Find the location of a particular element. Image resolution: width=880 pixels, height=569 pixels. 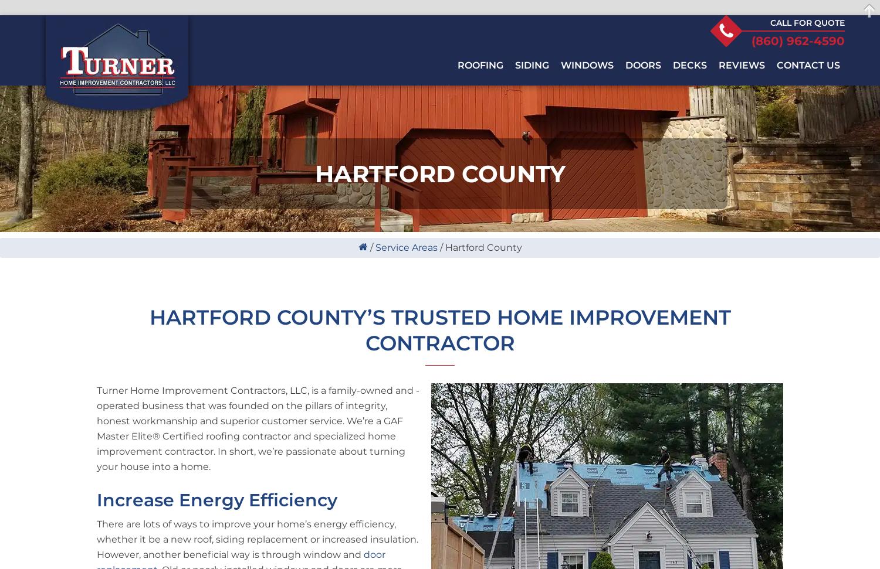

'Doors' is located at coordinates (642, 64).